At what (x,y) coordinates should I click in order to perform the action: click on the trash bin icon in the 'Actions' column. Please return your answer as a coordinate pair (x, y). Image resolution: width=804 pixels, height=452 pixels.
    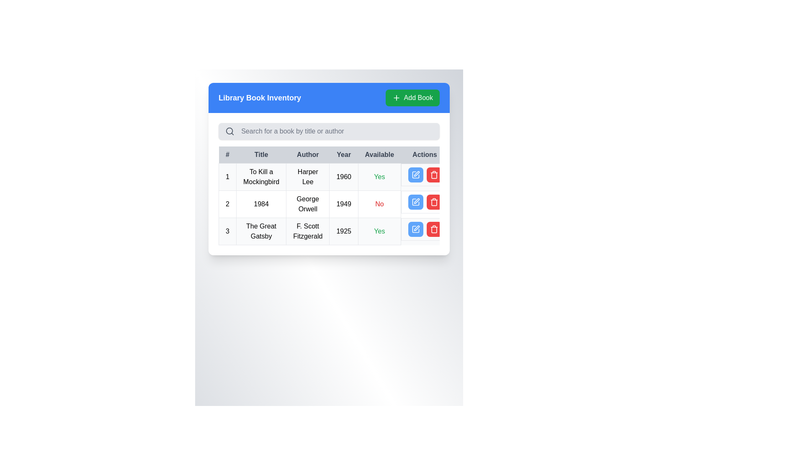
    Looking at the image, I should click on (434, 175).